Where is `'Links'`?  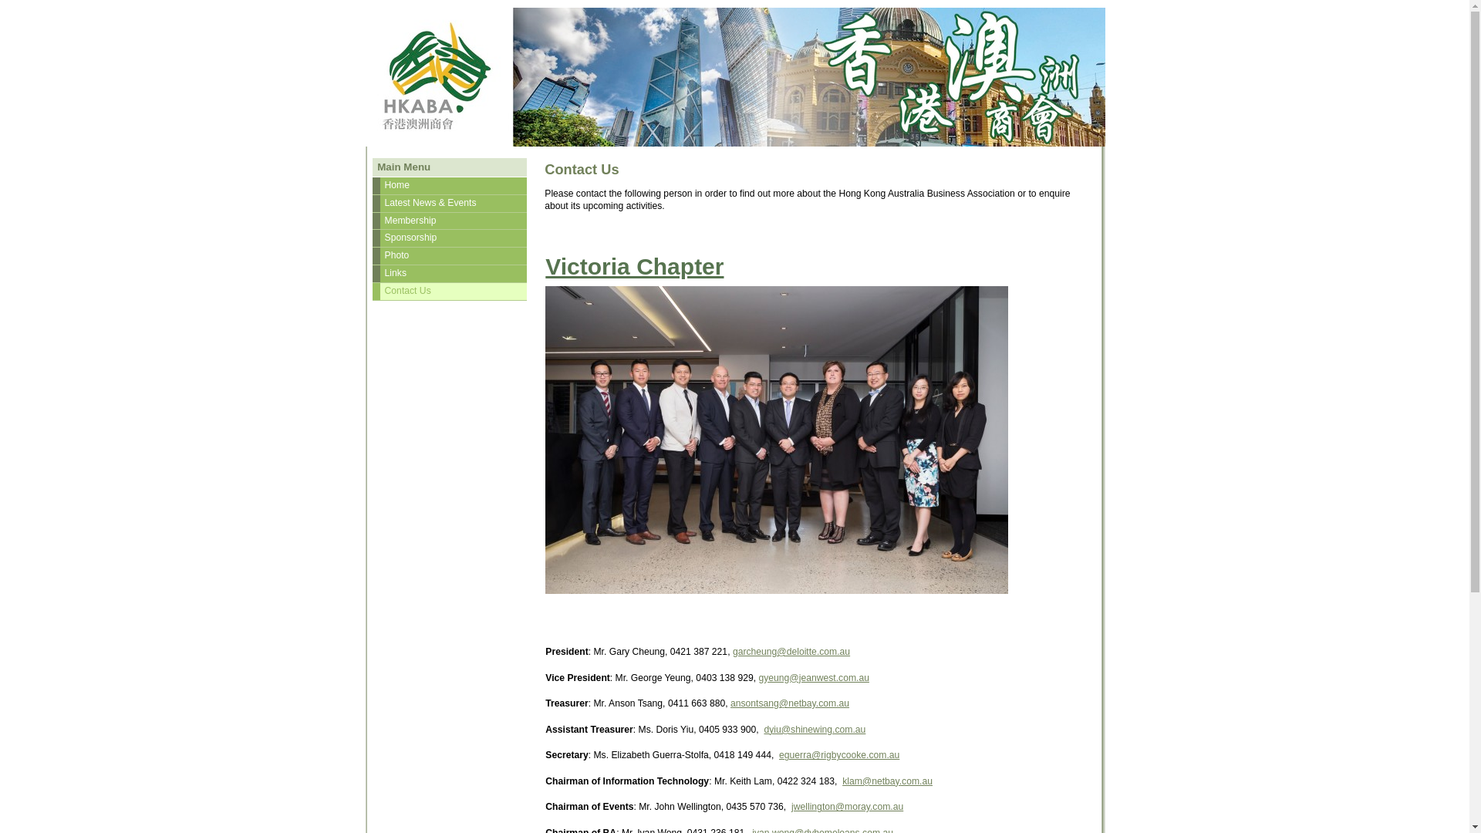 'Links' is located at coordinates (448, 272).